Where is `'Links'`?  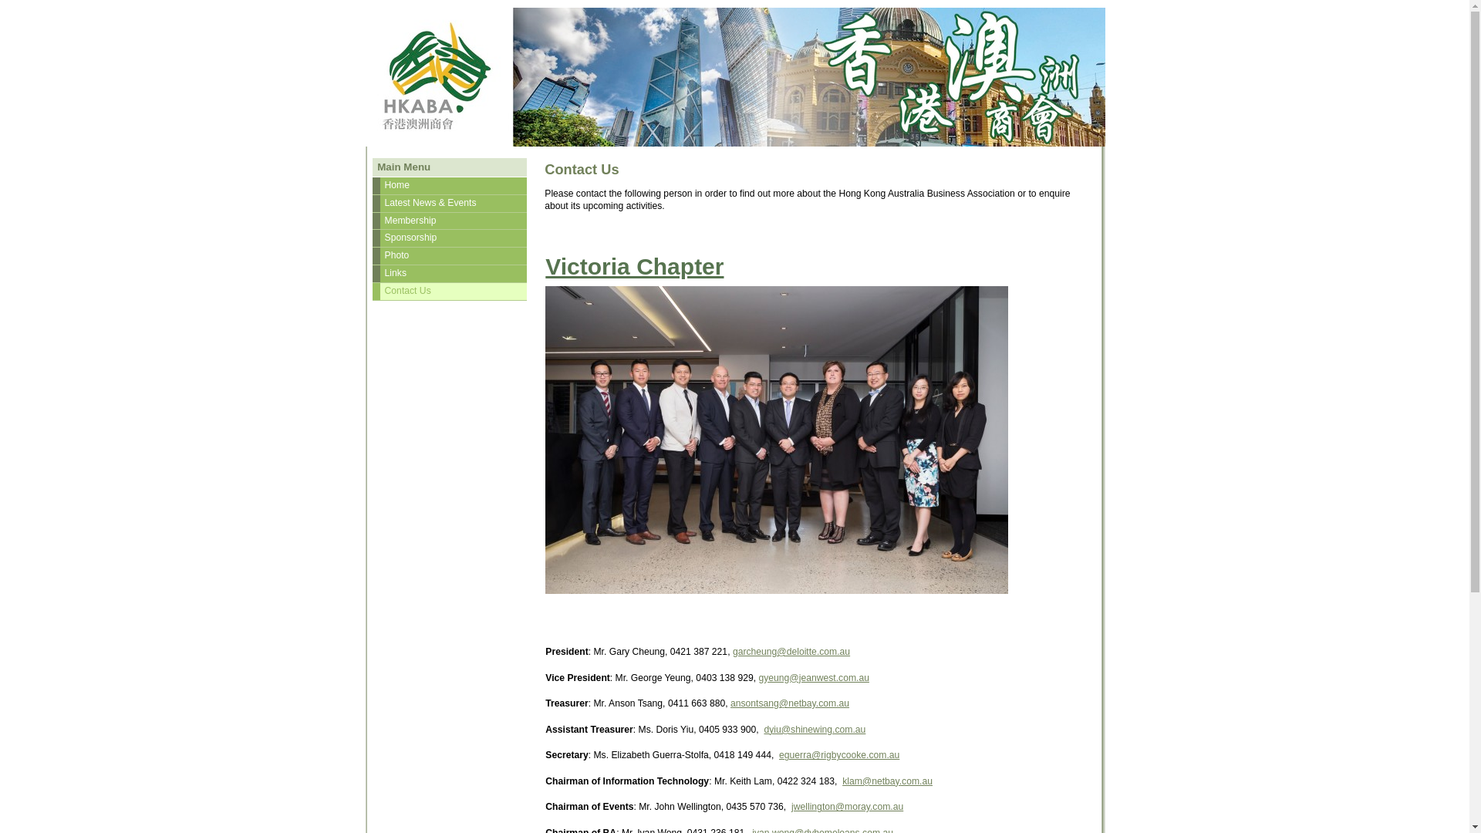 'Links' is located at coordinates (448, 272).